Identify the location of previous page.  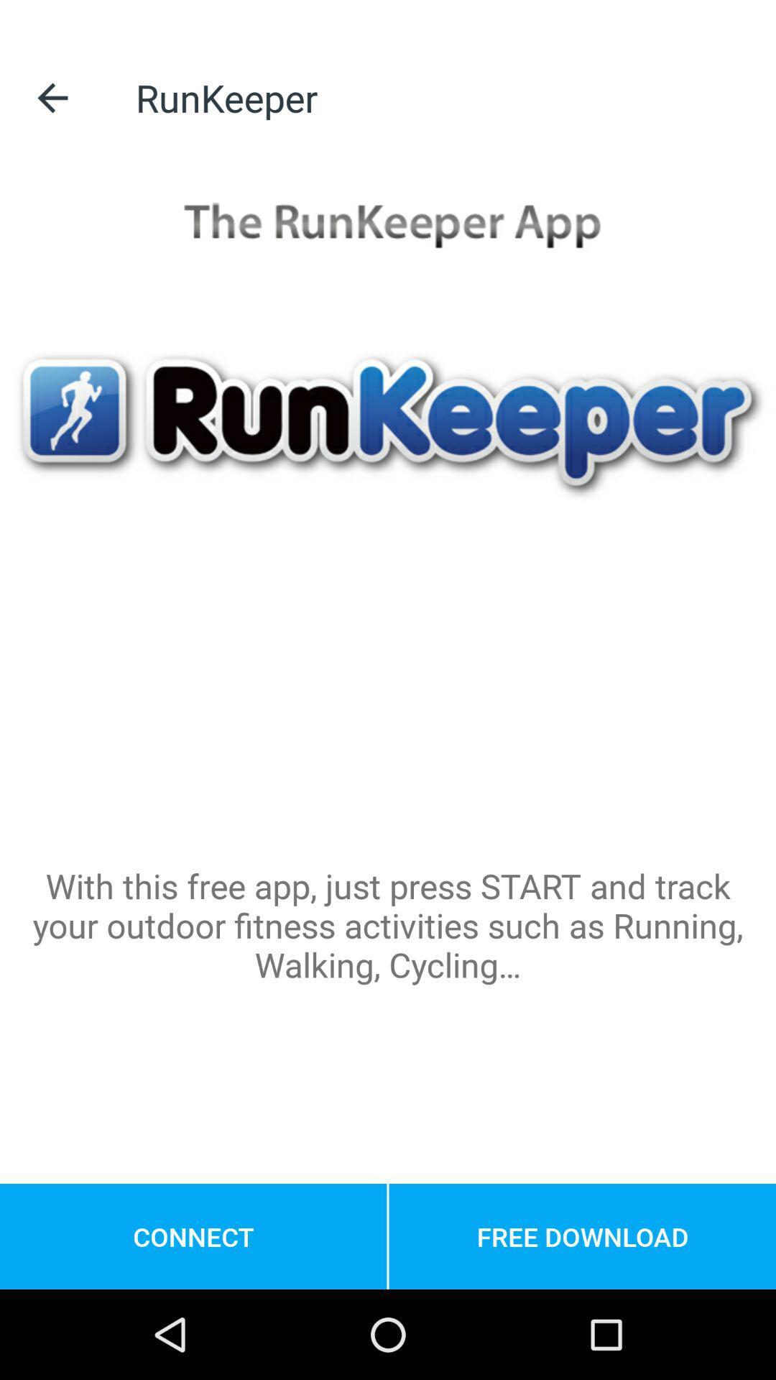
(52, 97).